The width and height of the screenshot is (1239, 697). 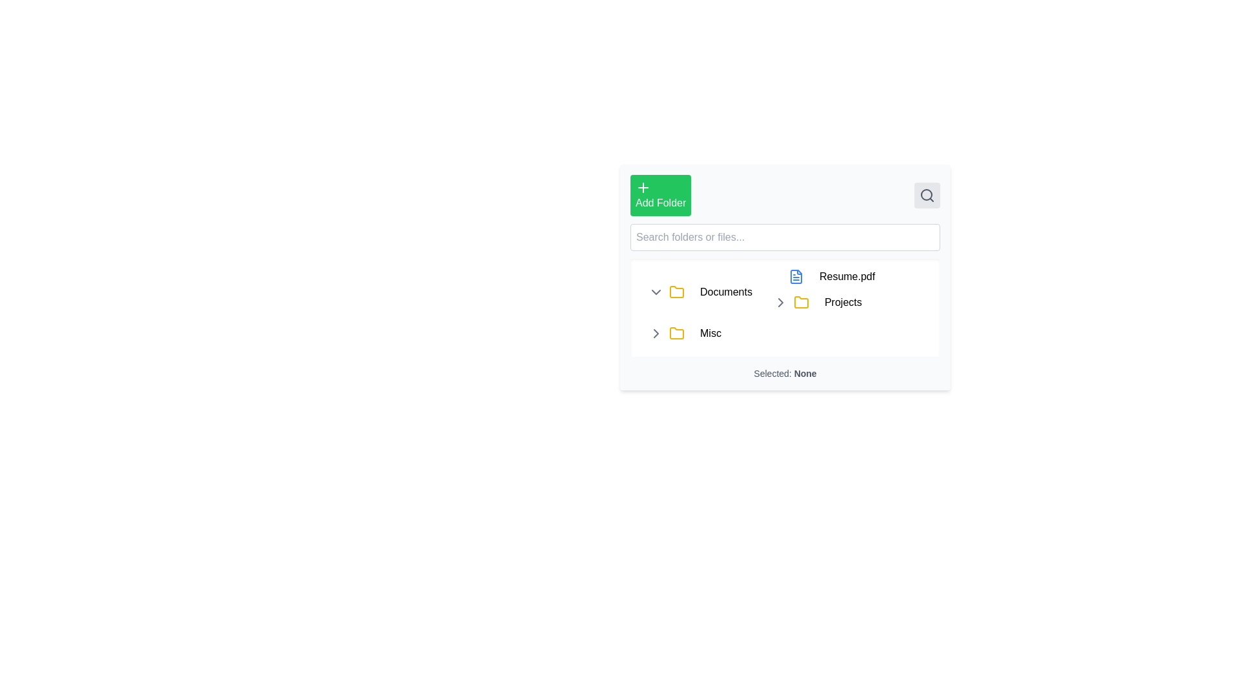 I want to click on the text label 'Resume.pdfProjects' within the file tree under 'Documents' which is styled with the class 'pl-4', so click(x=820, y=292).